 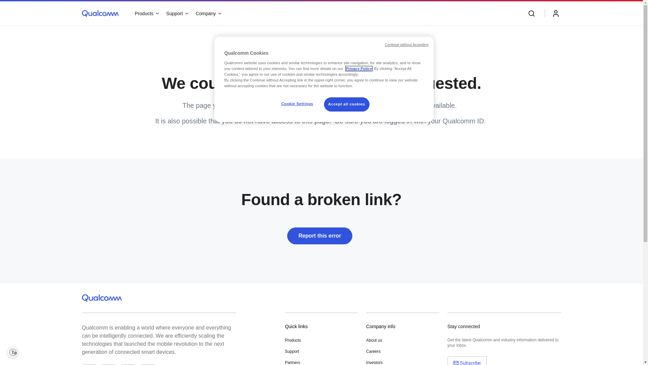 What do you see at coordinates (208, 13) in the screenshot?
I see `'Company'` at bounding box center [208, 13].